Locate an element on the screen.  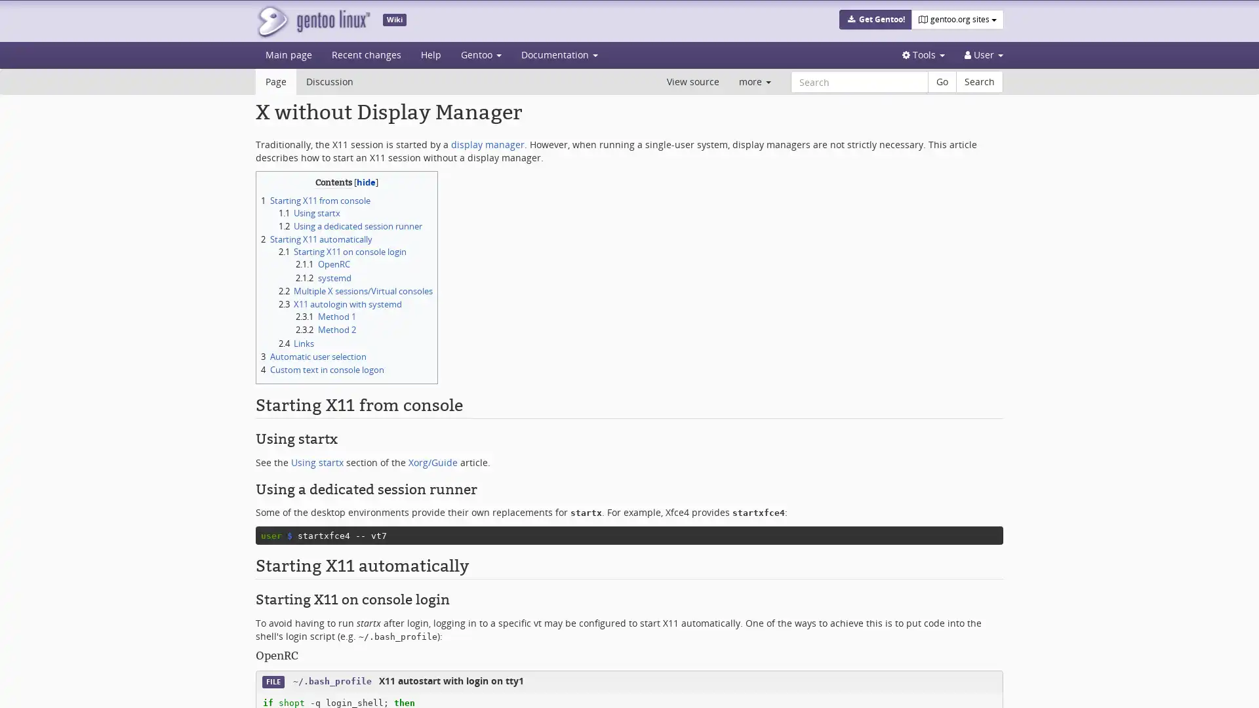
Go is located at coordinates (941, 81).